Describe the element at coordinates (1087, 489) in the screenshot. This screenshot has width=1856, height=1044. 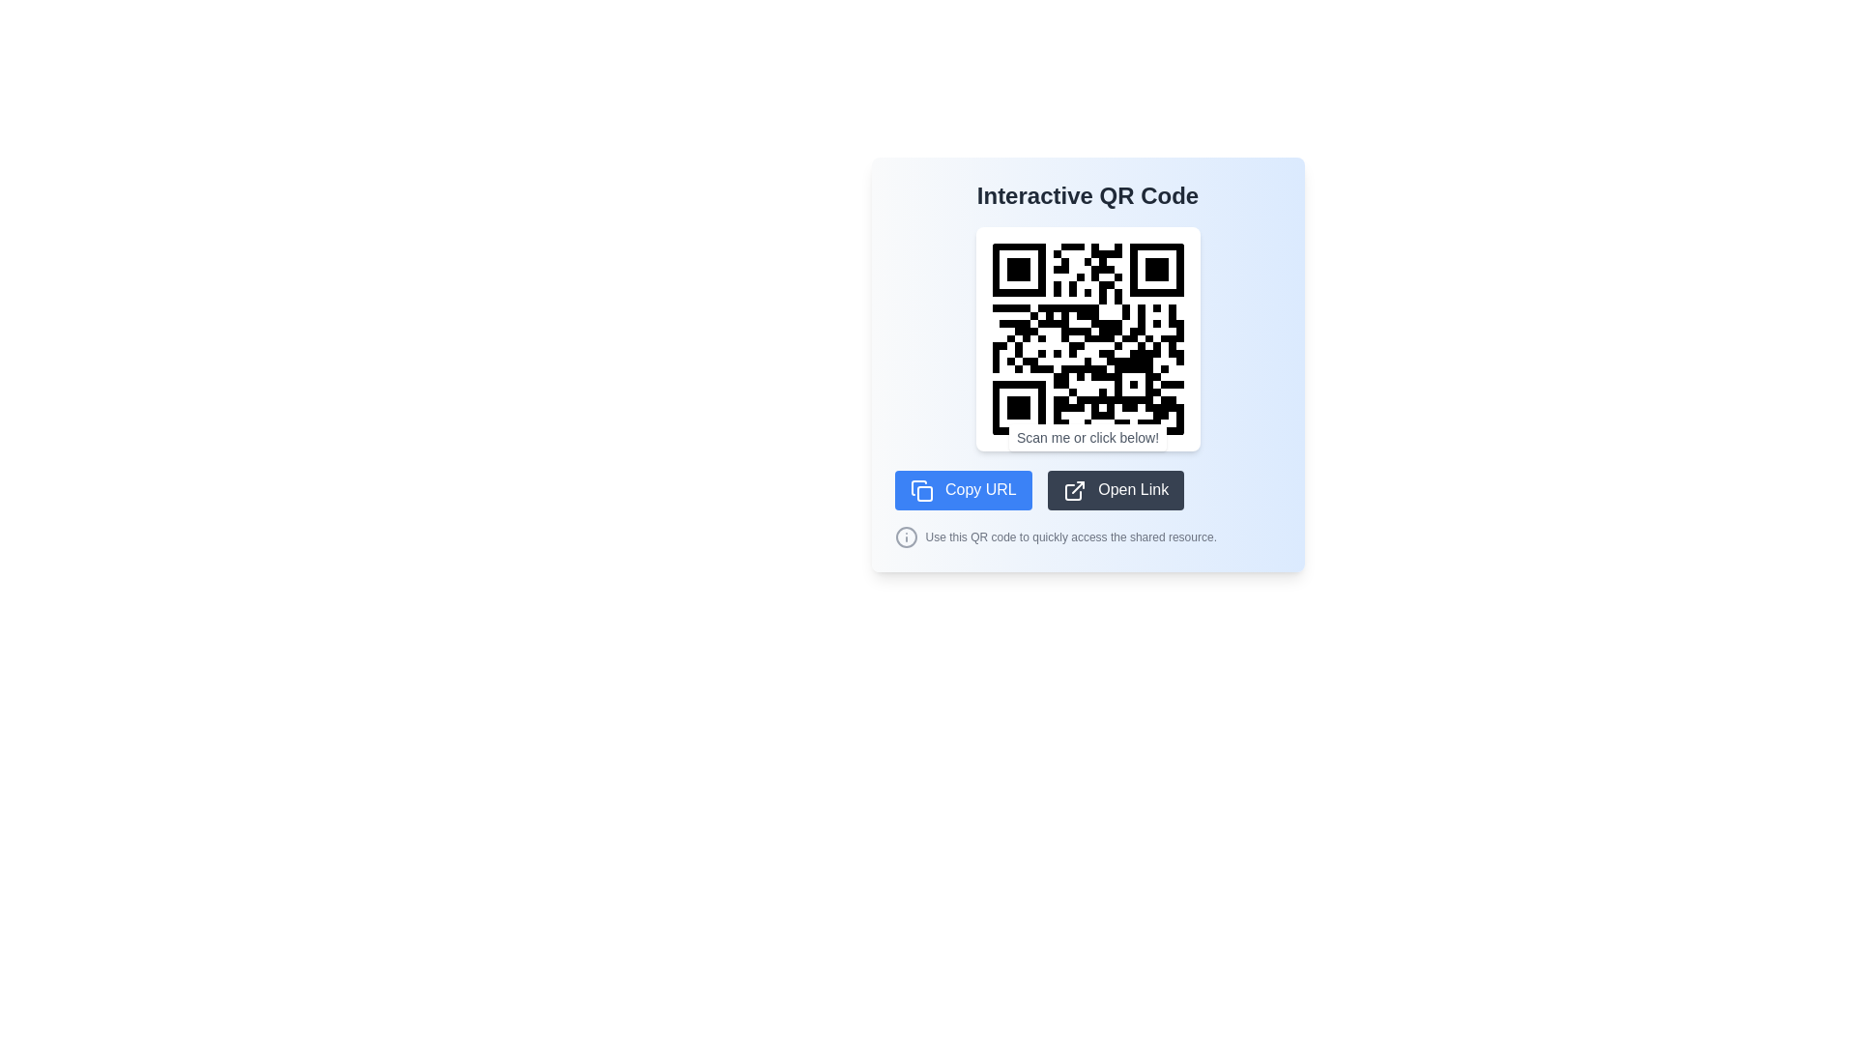
I see `the 'Open Link' button, which has a dark gray background with white text and an arrow icon indicating an external link, located to the right of the 'Copy URL' button` at that location.